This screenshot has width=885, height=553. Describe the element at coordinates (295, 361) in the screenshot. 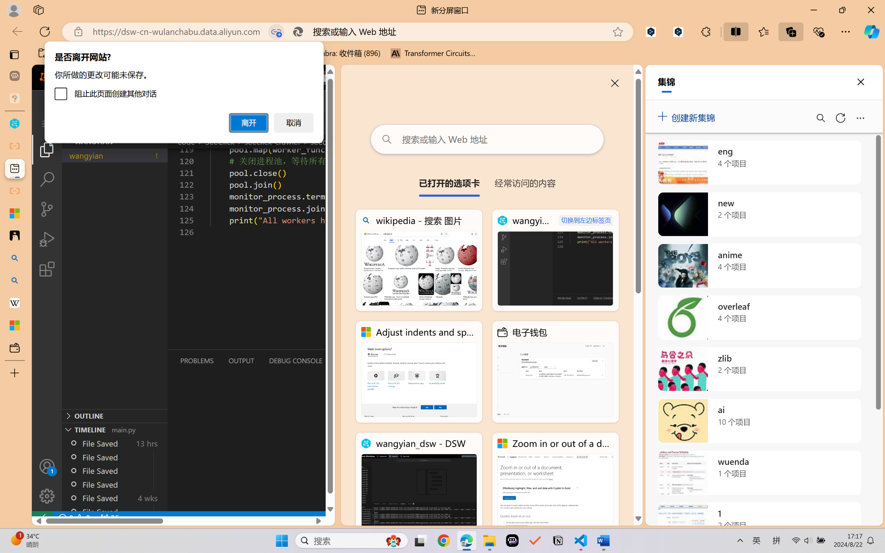

I see `'Debug Console (Ctrl+Shift+Y)'` at that location.